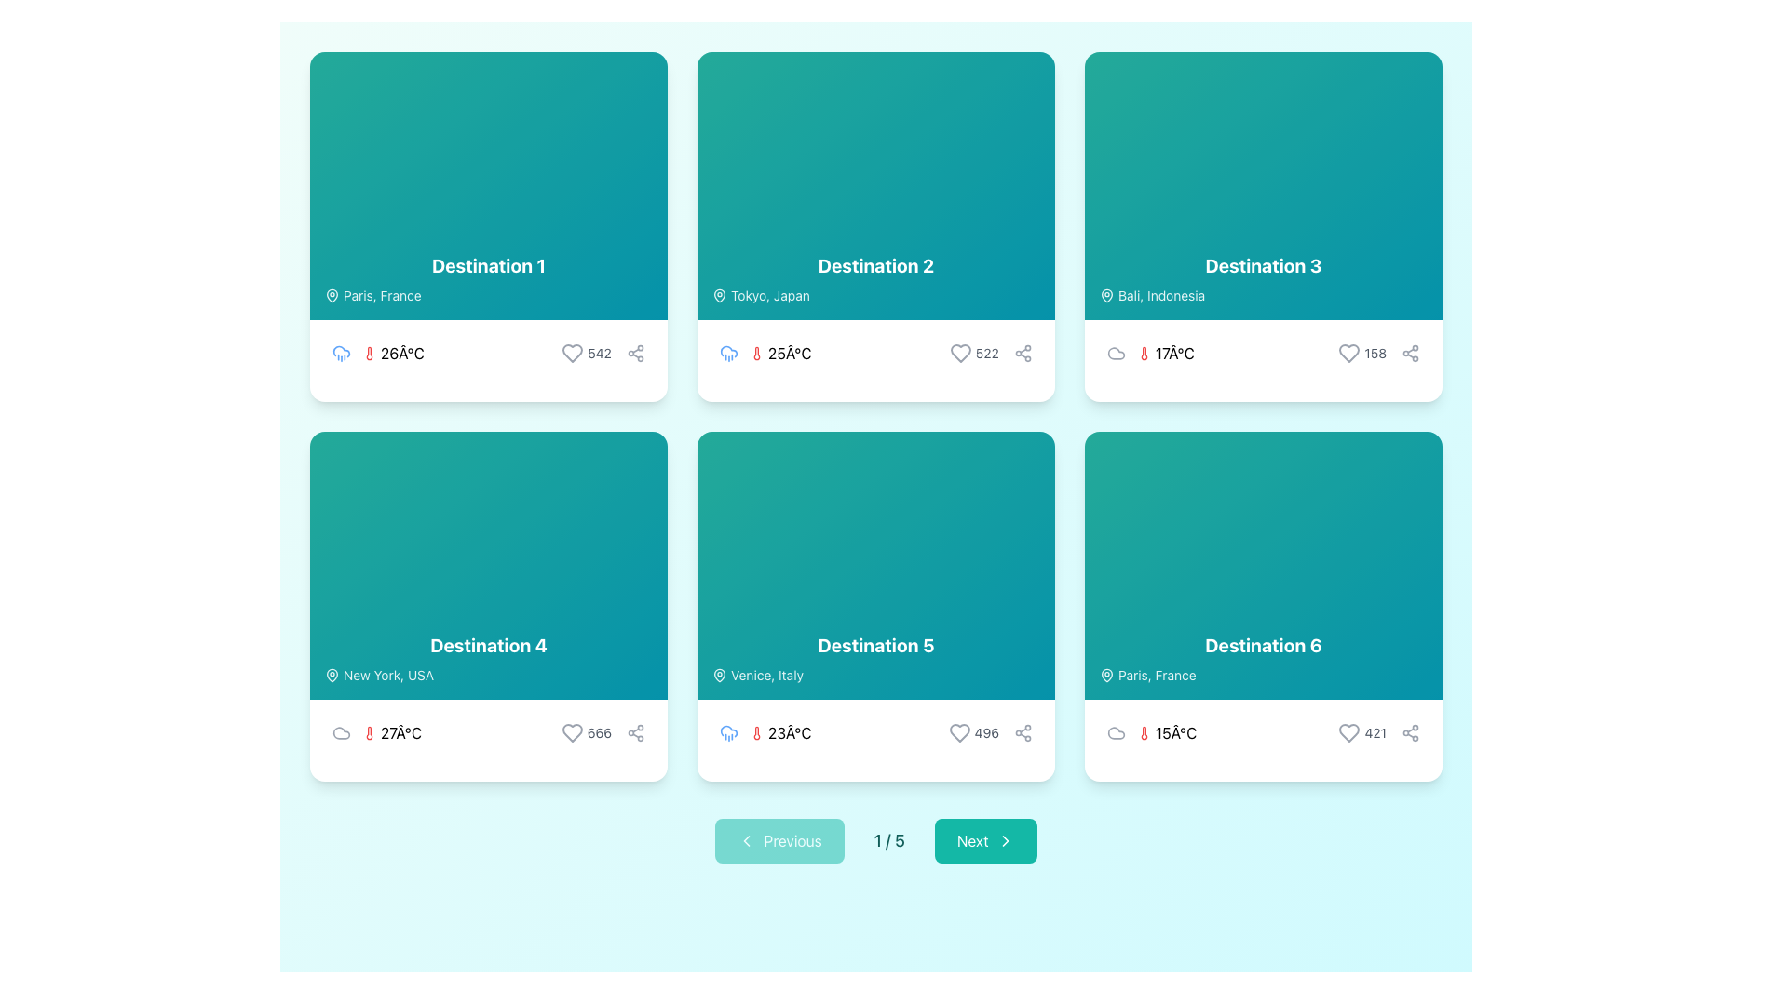  What do you see at coordinates (488, 658) in the screenshot?
I see `the 'Destination 4' text block, which features a bold heading 'Destination 4' in white and a subtitle 'New York, USA' in a smaller white font, set against a gradient background from teal to cyan` at bounding box center [488, 658].